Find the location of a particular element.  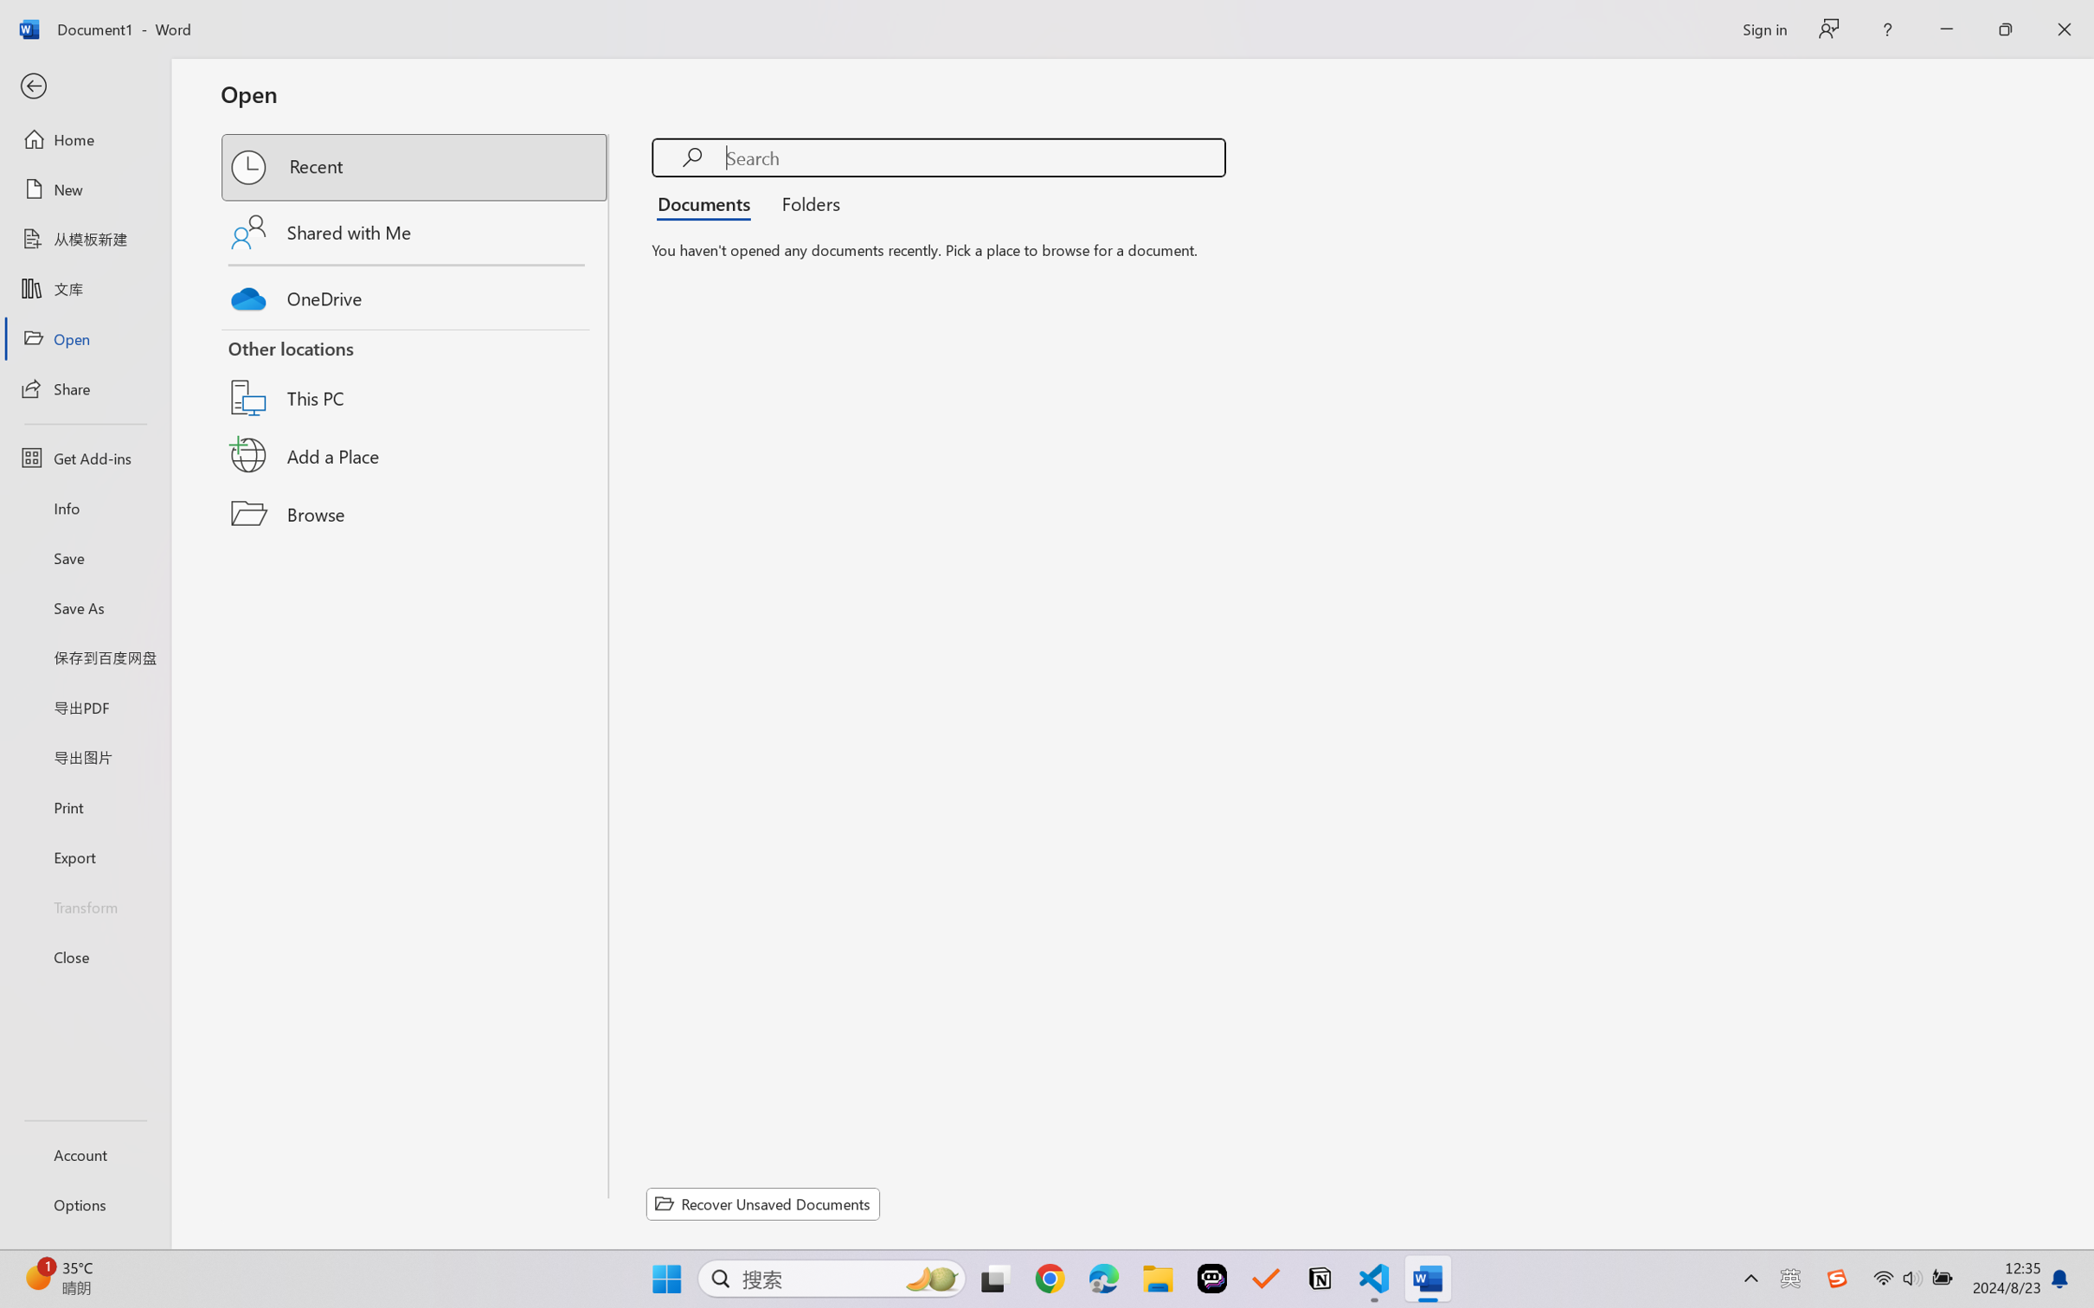

'New' is located at coordinates (84, 188).